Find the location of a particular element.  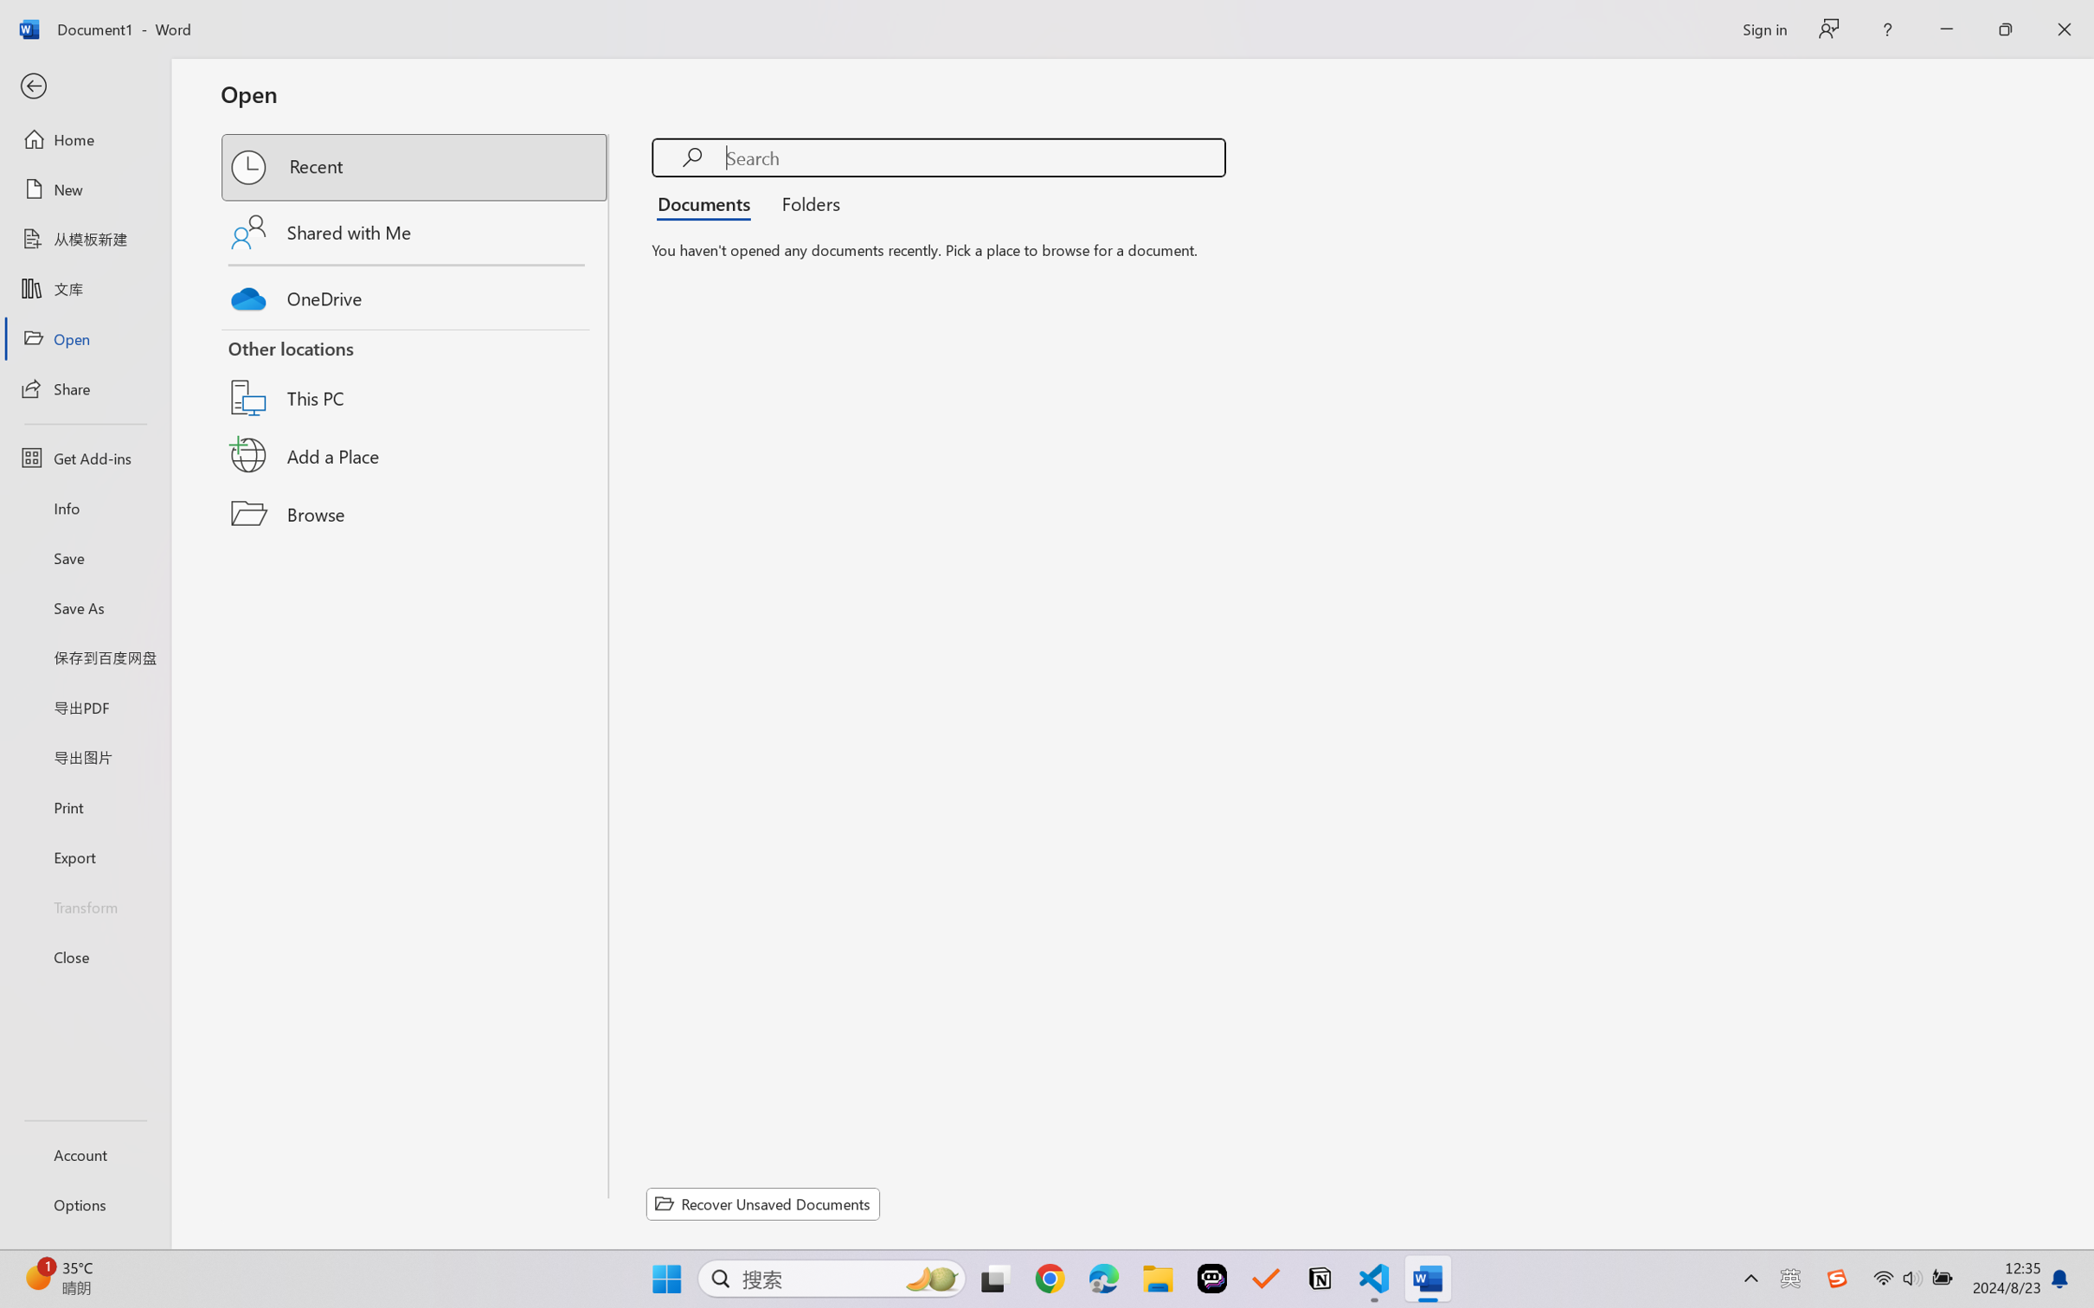

'New' is located at coordinates (84, 188).